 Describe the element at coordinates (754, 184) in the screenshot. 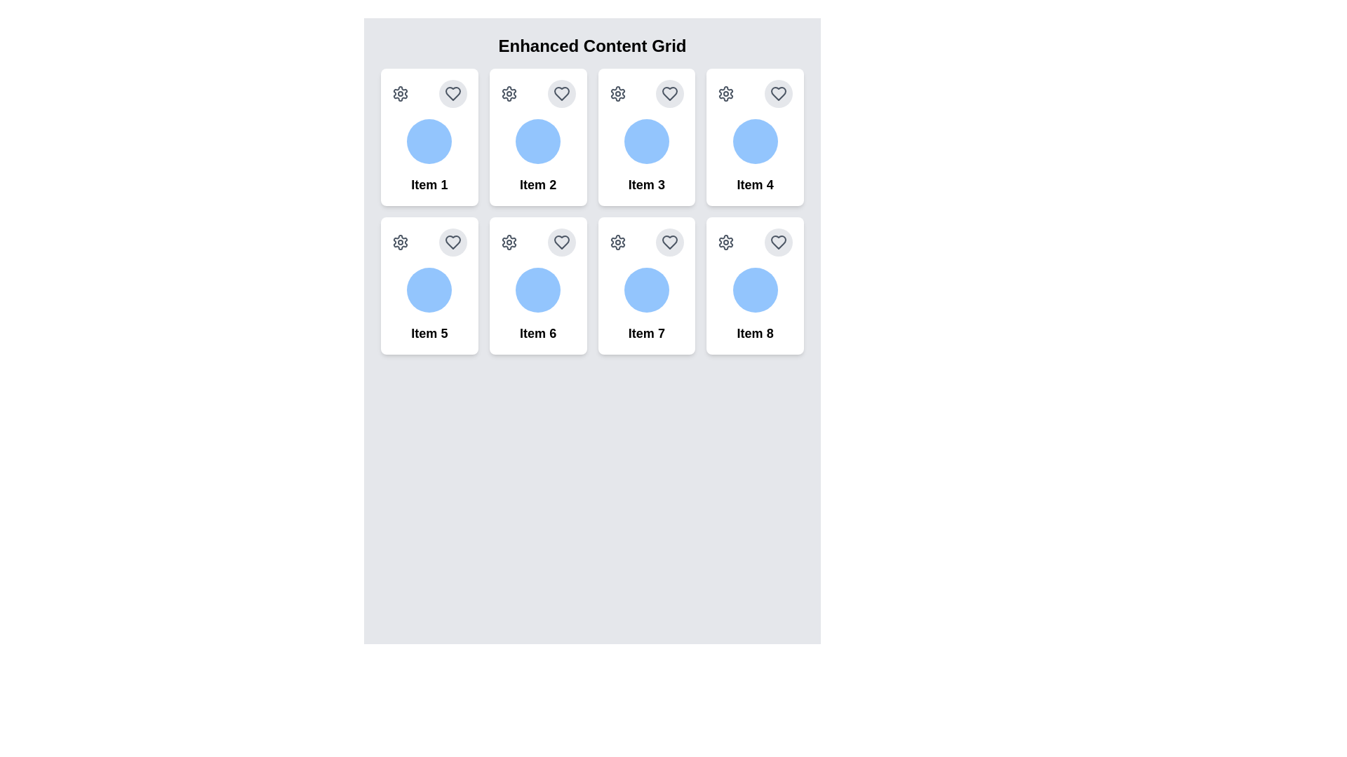

I see `the centered text label that displays 'Item 4', which is the fourth text item in the second row, second column of the 'Enhanced Content Grid'` at that location.